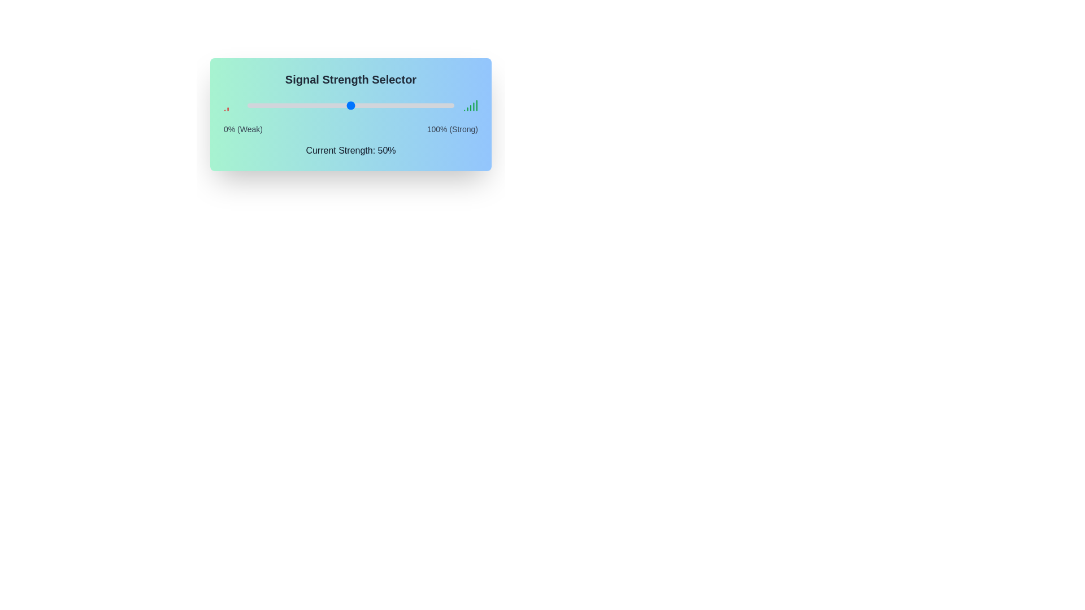 The width and height of the screenshot is (1085, 610). I want to click on the signal strength slider to 98%, so click(449, 105).